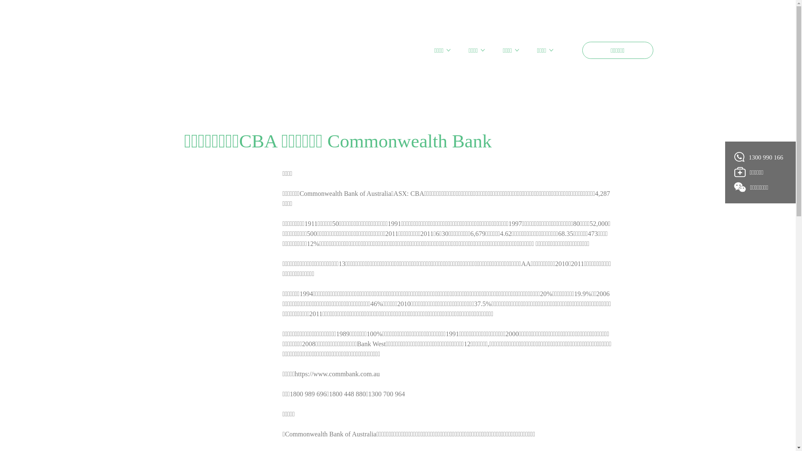 This screenshot has width=802, height=451. Describe the element at coordinates (733, 157) in the screenshot. I see `'1300 990 166'` at that location.